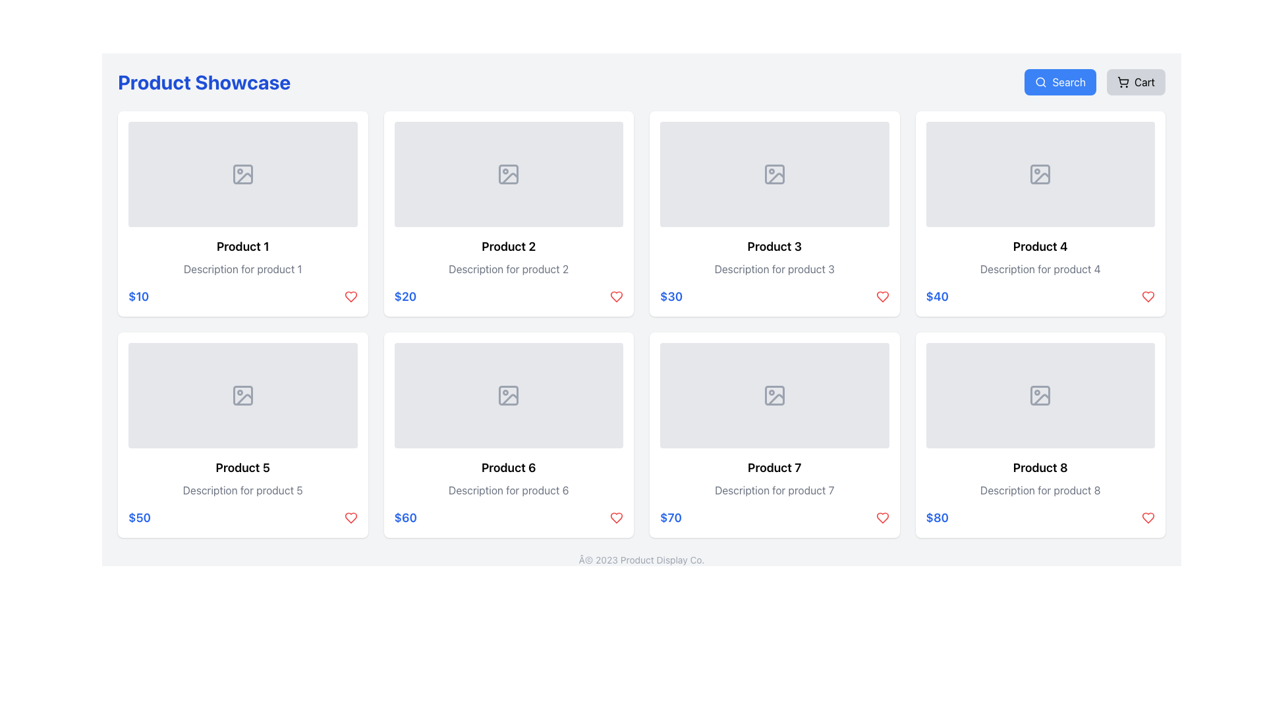 This screenshot has height=711, width=1265. What do you see at coordinates (508, 174) in the screenshot?
I see `the image placeholder icon in the second card labeled 'Product 2' within the product showcase interface` at bounding box center [508, 174].